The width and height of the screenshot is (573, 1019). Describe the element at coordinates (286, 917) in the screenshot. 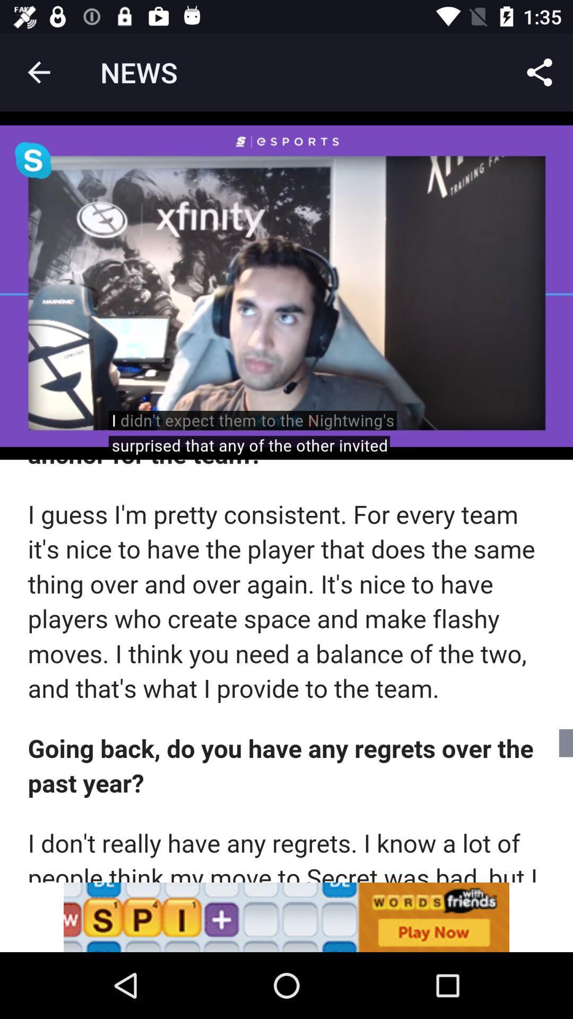

I see `advertisement bar` at that location.